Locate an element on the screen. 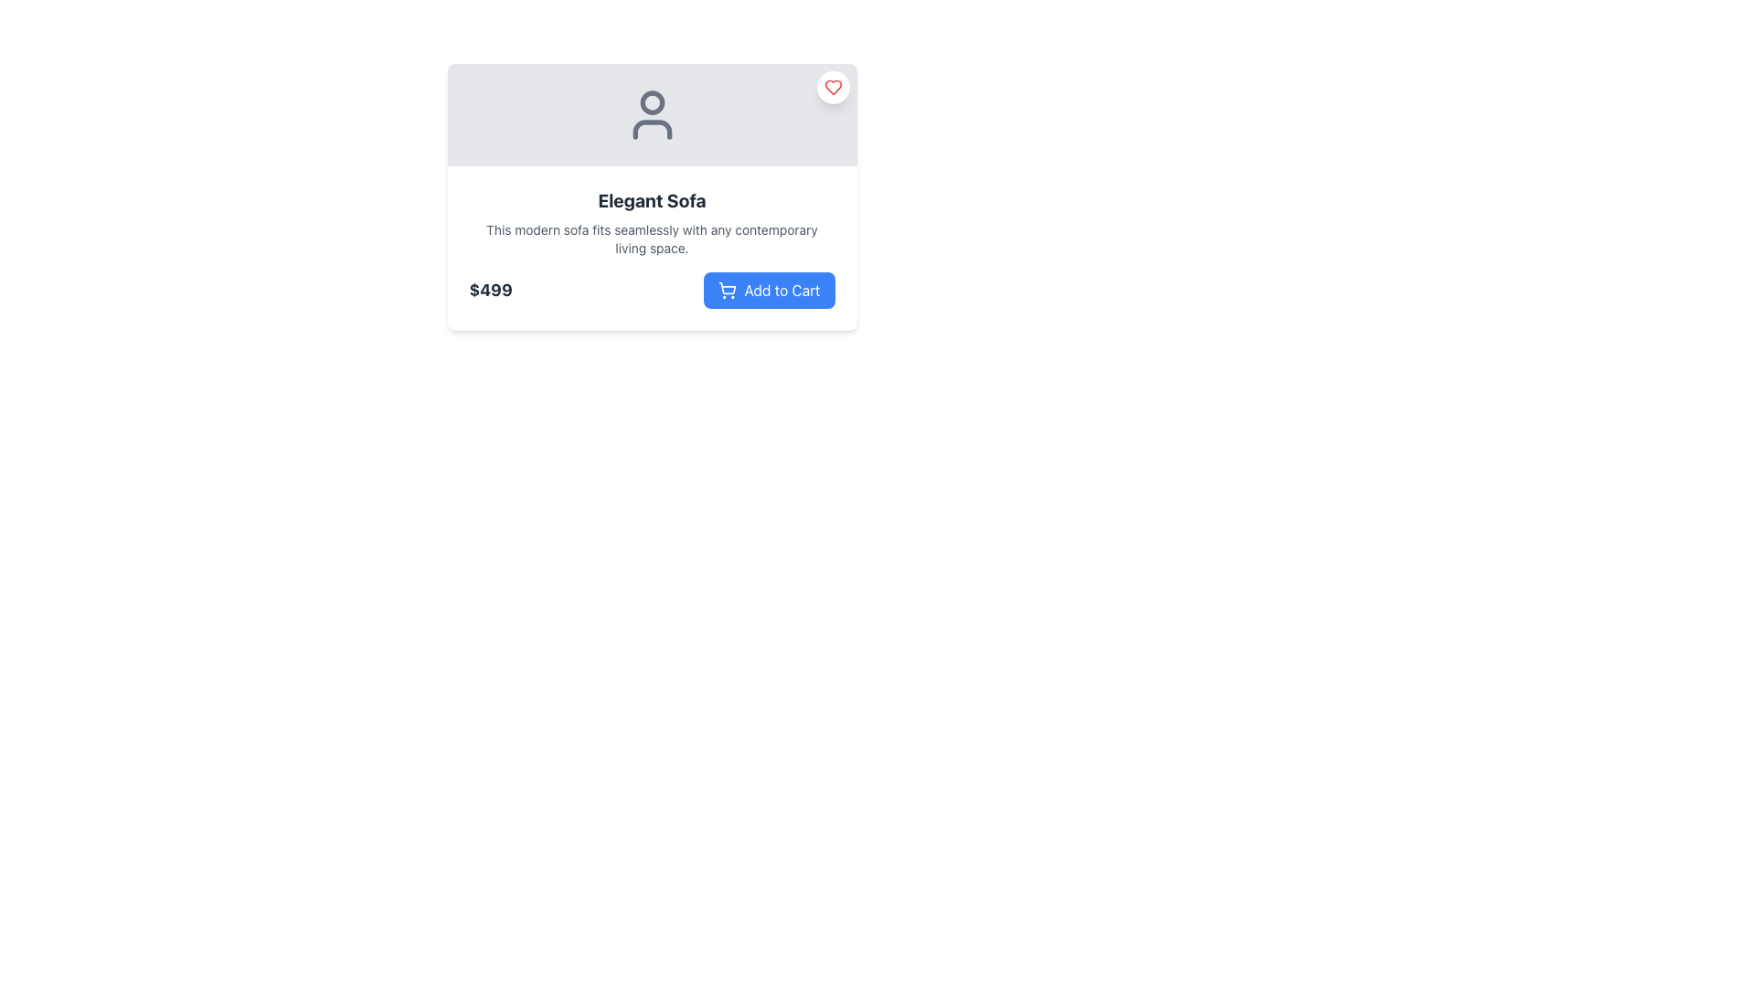  text from the Text Label that serves as the title for the item displayed, which is labeled 'Elegant Sofa' is located at coordinates (652, 200).